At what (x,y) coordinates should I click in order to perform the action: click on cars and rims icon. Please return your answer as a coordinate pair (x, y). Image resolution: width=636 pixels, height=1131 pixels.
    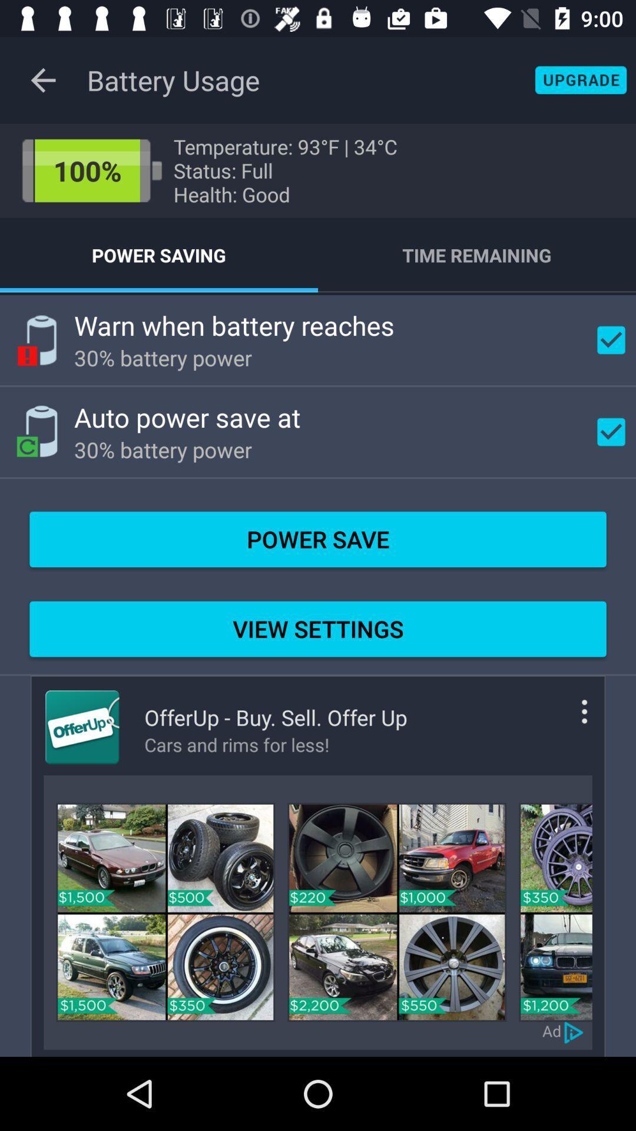
    Looking at the image, I should click on (276, 744).